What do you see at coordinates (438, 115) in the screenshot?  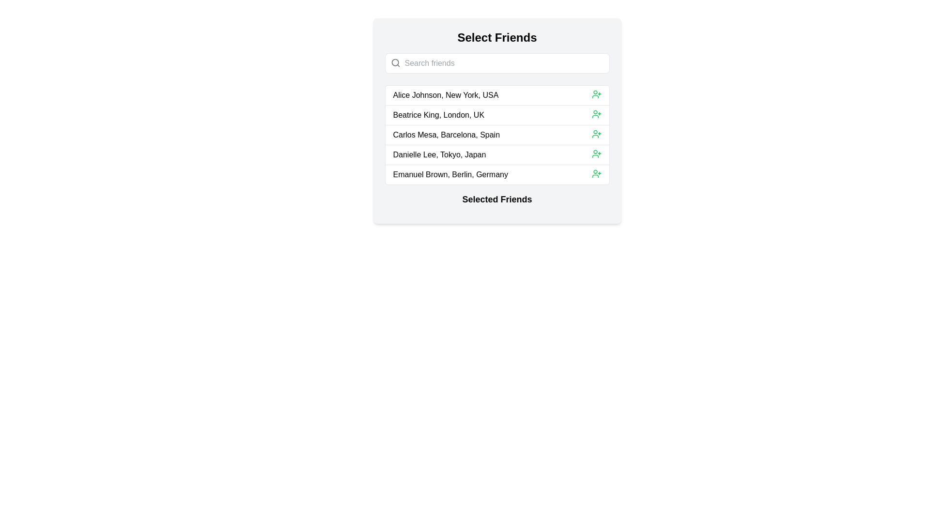 I see `text element that displays the name and location of a person, positioned between 'Alice Johnson, New York, USA' and 'Carlos Mesa, Barcelona, Spain'` at bounding box center [438, 115].